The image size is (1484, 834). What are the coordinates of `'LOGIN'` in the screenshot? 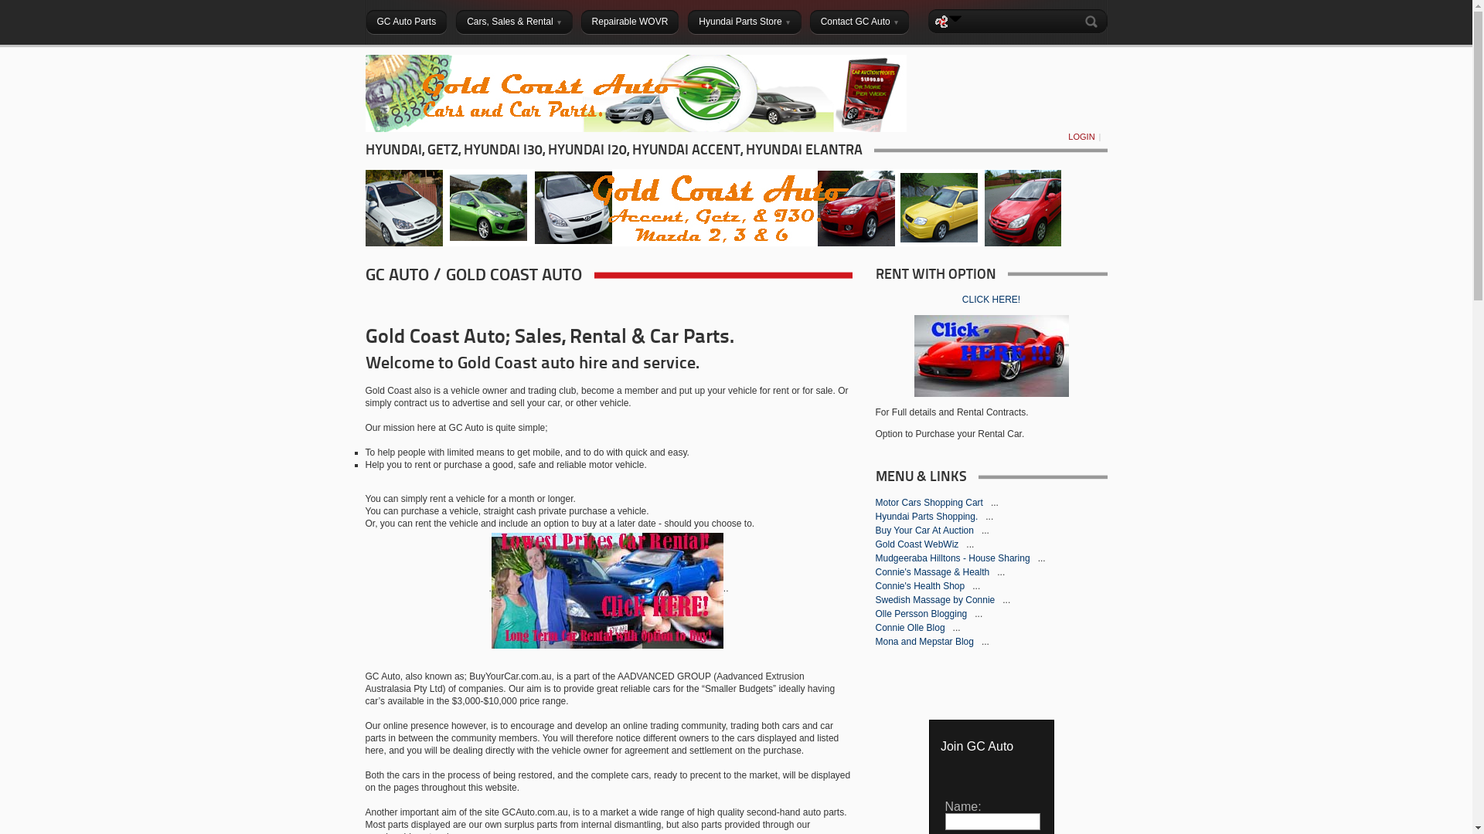 It's located at (1080, 136).